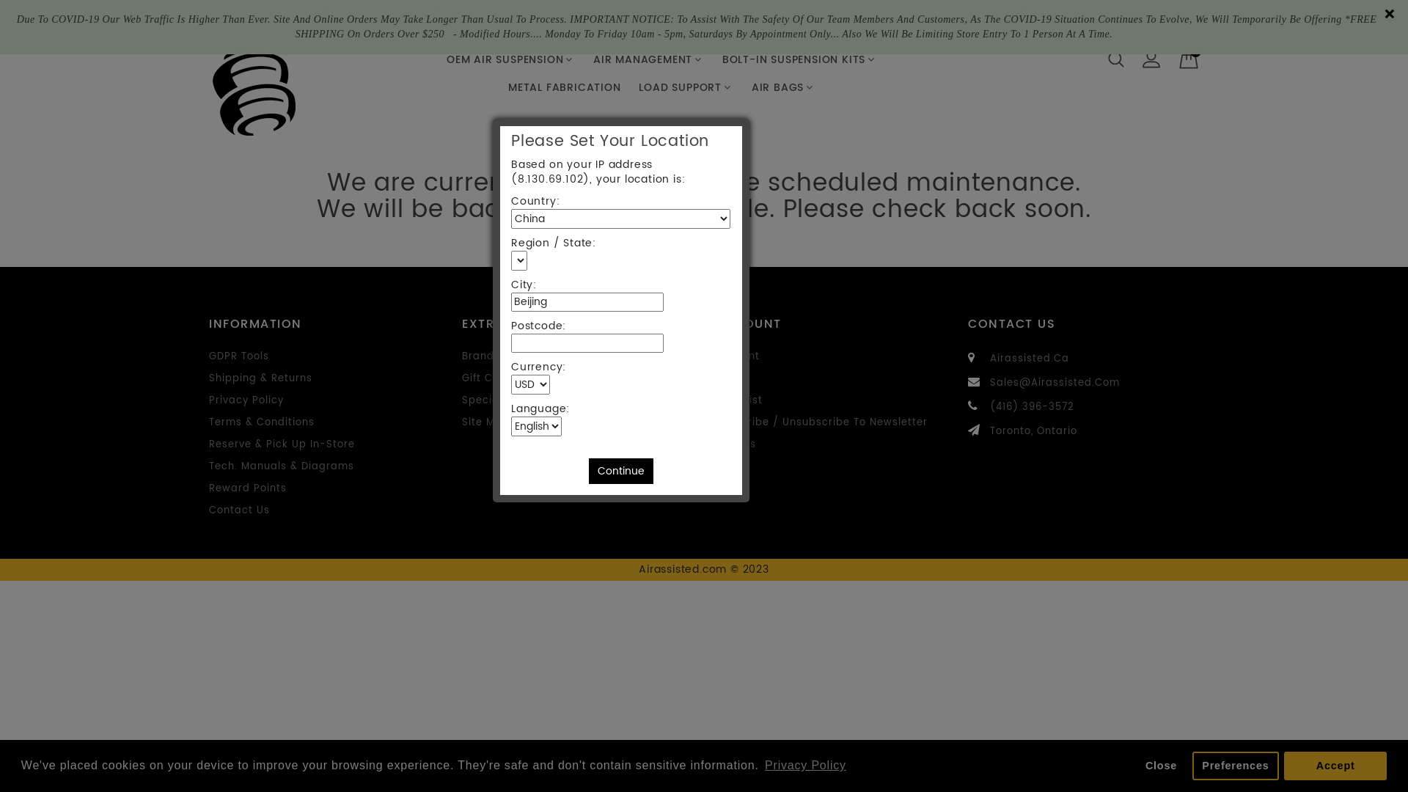  What do you see at coordinates (1189, 59) in the screenshot?
I see `'0'` at bounding box center [1189, 59].